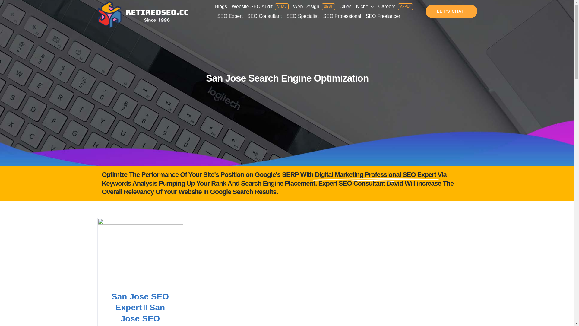 The image size is (579, 326). What do you see at coordinates (346, 7) in the screenshot?
I see `'Cities'` at bounding box center [346, 7].